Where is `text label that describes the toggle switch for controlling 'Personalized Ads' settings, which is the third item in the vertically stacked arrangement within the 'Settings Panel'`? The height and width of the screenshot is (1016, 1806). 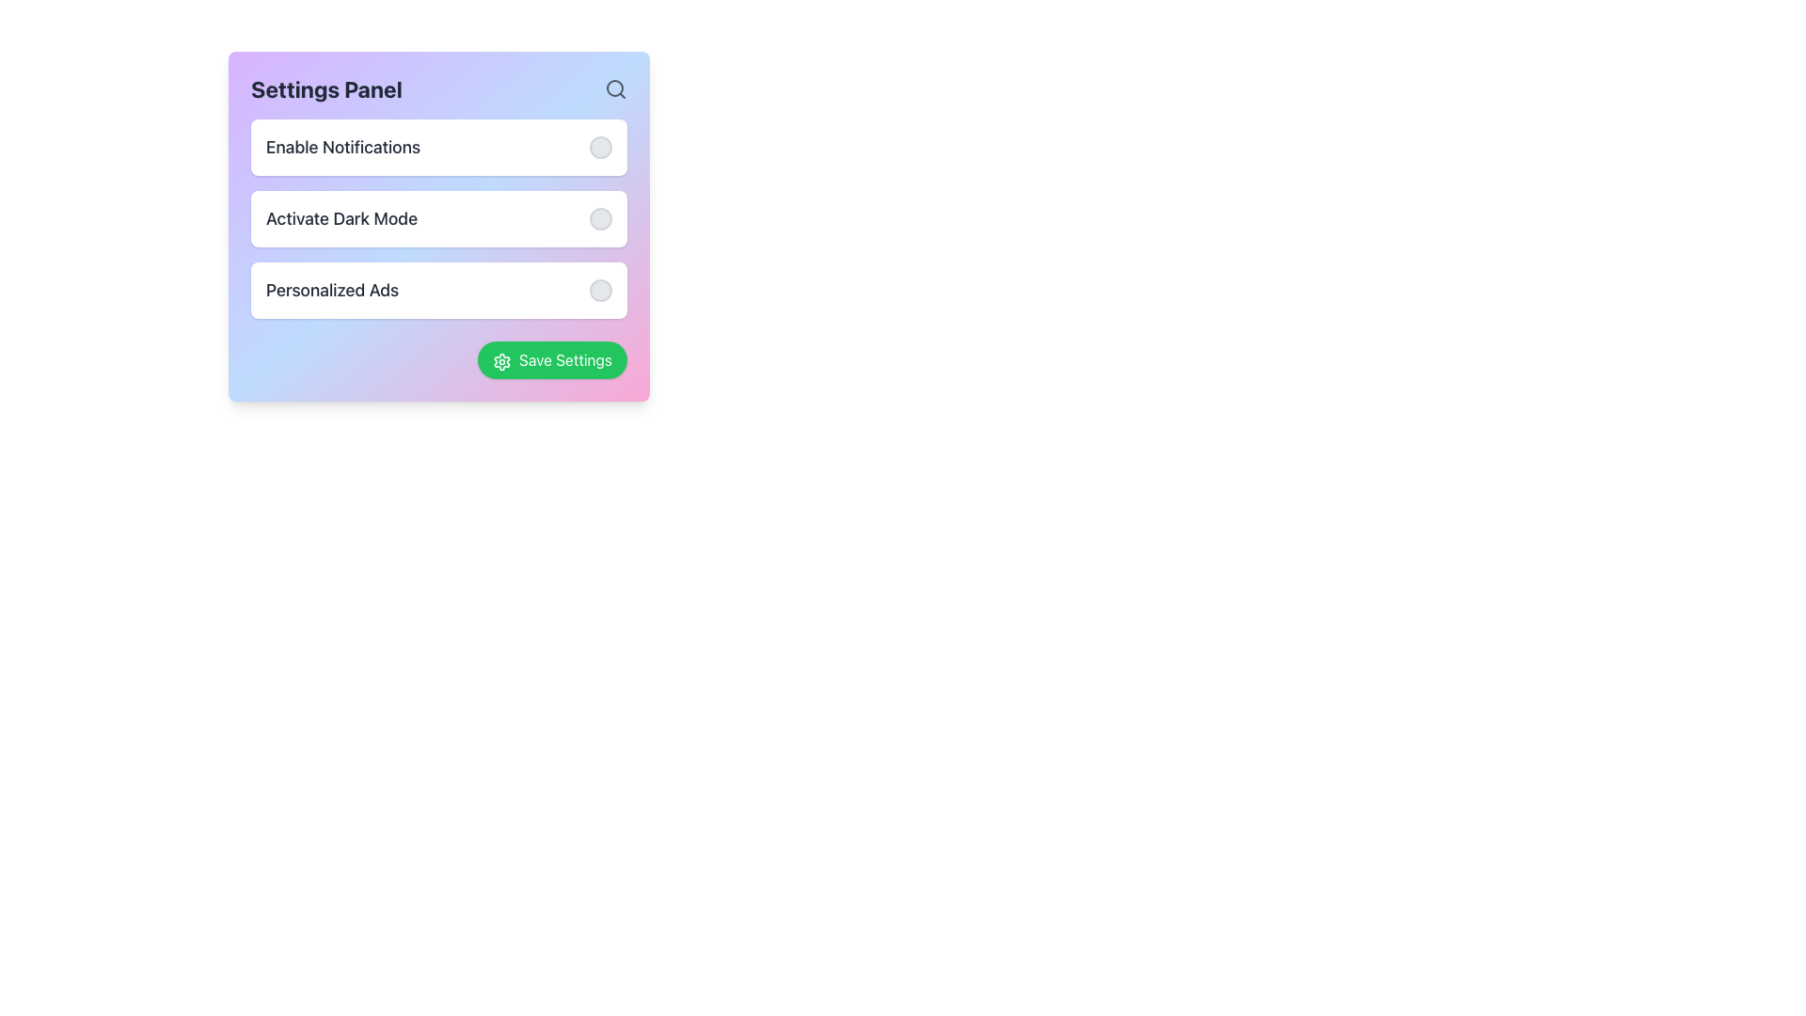
text label that describes the toggle switch for controlling 'Personalized Ads' settings, which is the third item in the vertically stacked arrangement within the 'Settings Panel' is located at coordinates (332, 290).